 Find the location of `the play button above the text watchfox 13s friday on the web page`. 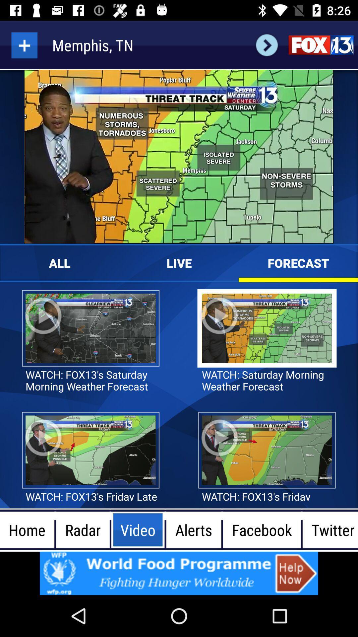

the play button above the text watchfox 13s friday on the web page is located at coordinates (220, 438).